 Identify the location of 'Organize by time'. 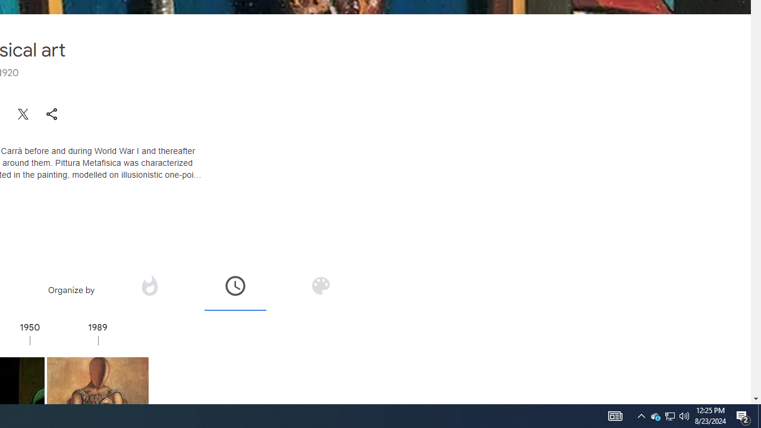
(235, 285).